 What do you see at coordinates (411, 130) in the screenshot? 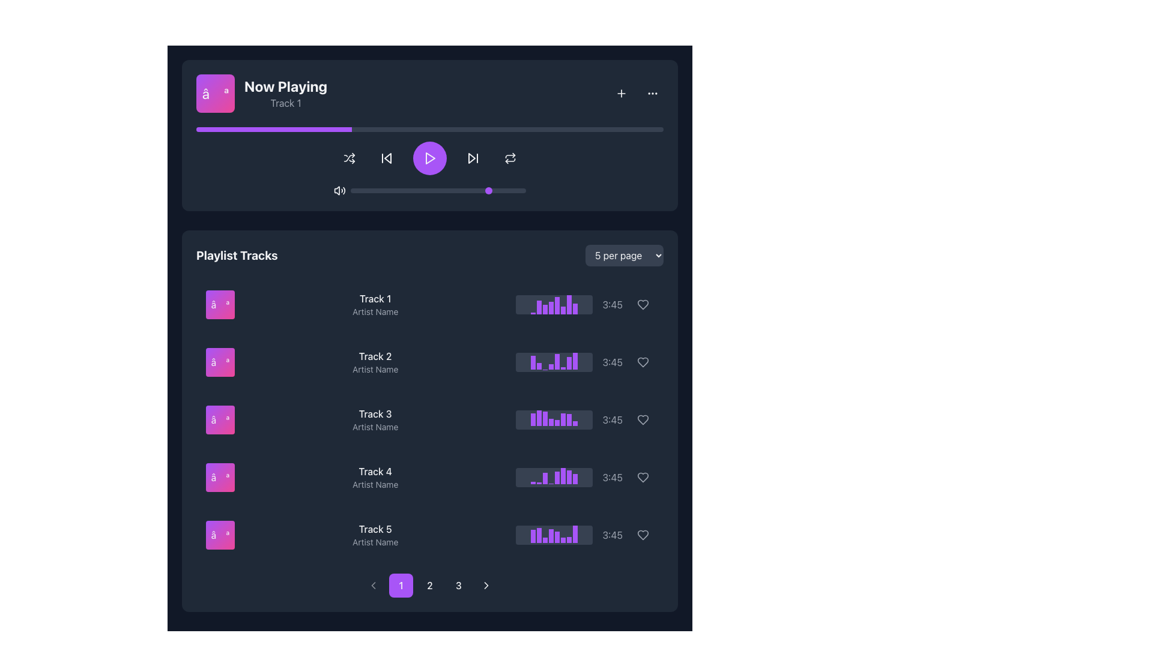
I see `playback progress` at bounding box center [411, 130].